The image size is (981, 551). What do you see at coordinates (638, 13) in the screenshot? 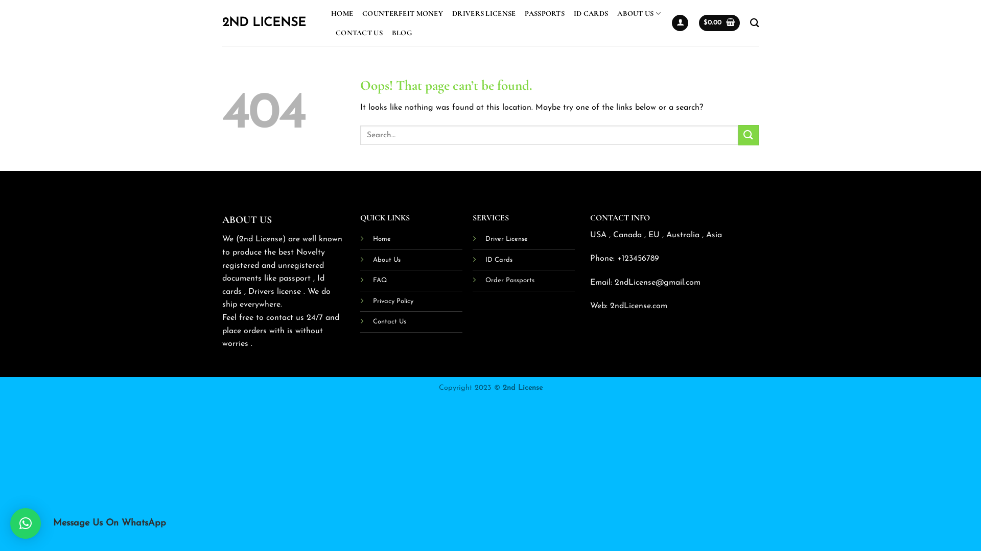
I see `'ABOUT US'` at bounding box center [638, 13].